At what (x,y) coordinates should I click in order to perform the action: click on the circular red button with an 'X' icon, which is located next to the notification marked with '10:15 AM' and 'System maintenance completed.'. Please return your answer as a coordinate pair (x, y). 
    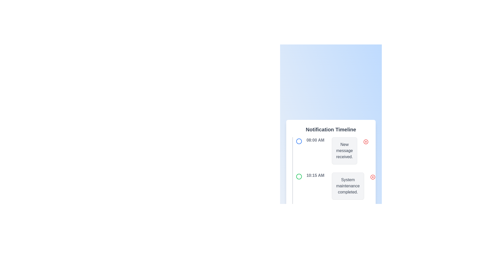
    Looking at the image, I should click on (373, 177).